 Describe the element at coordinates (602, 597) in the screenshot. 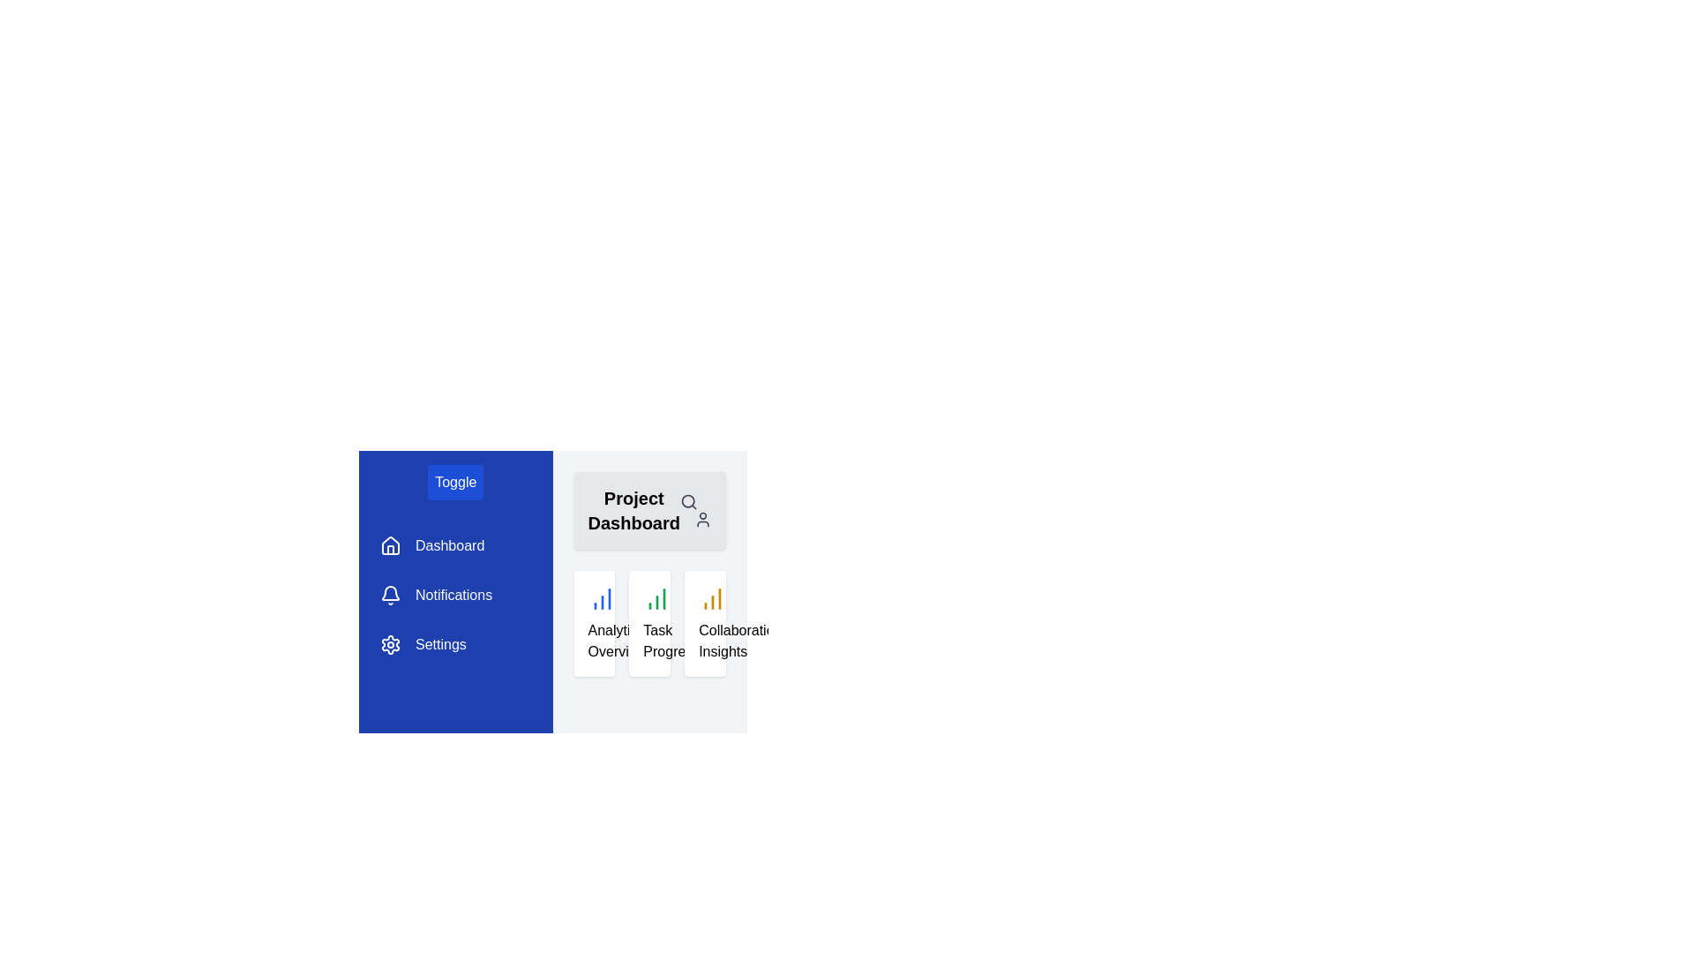

I see `the blue bar chart icon located at the top center of the 'Analytics Overview' card, which consists of three vertical bars incrementing from left to right` at that location.